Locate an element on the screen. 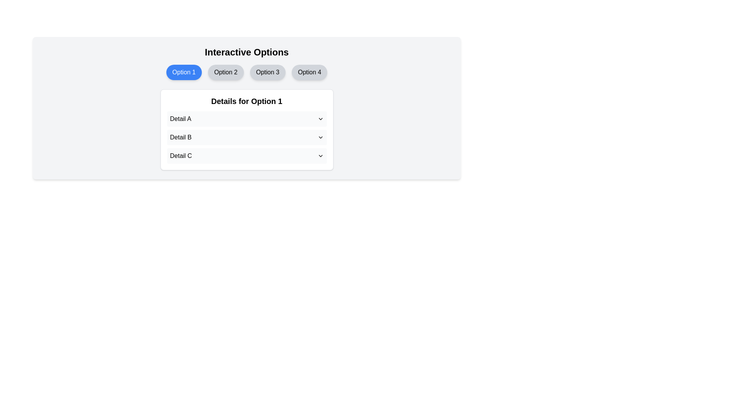 Image resolution: width=741 pixels, height=416 pixels. the text label that reads 'Details for Option 1', which is prominently styled in bold and large fonts at the top of a white rounded card is located at coordinates (246, 101).